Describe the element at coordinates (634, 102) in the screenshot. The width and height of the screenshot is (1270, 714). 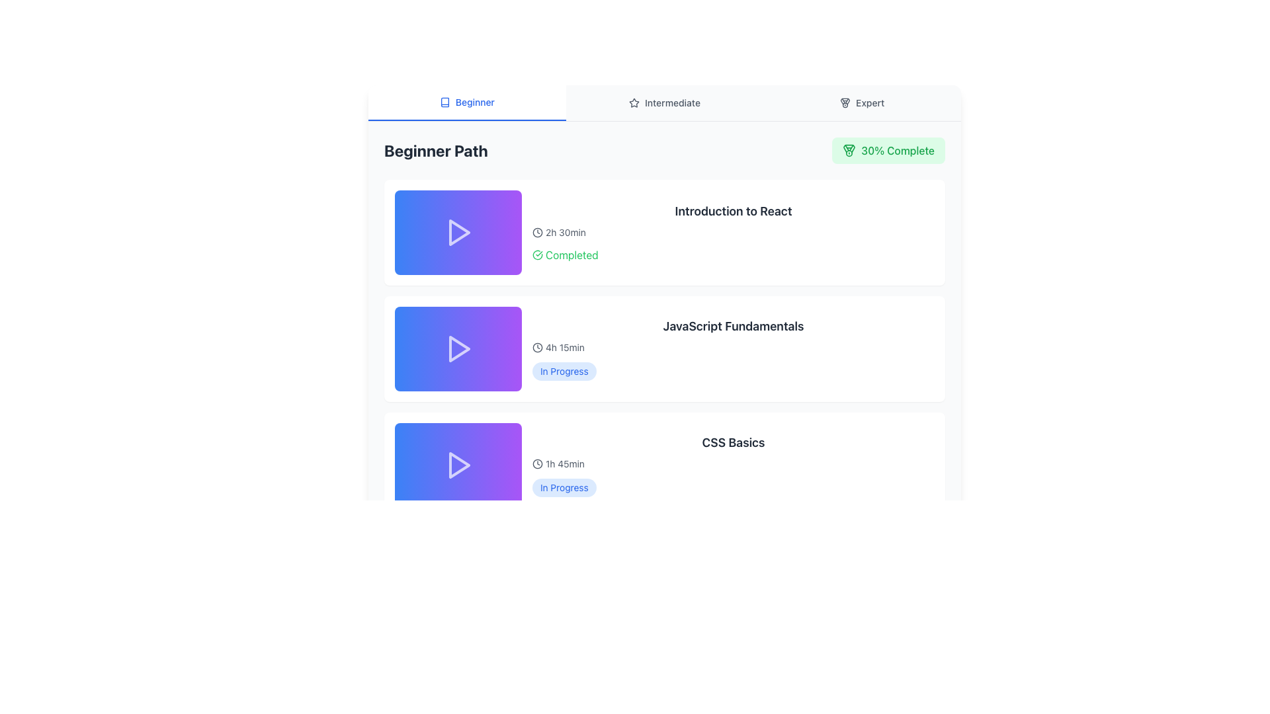
I see `the center of the icon located in the top-right section of the interface for interaction, which may relate to rating or bookmarking content` at that location.